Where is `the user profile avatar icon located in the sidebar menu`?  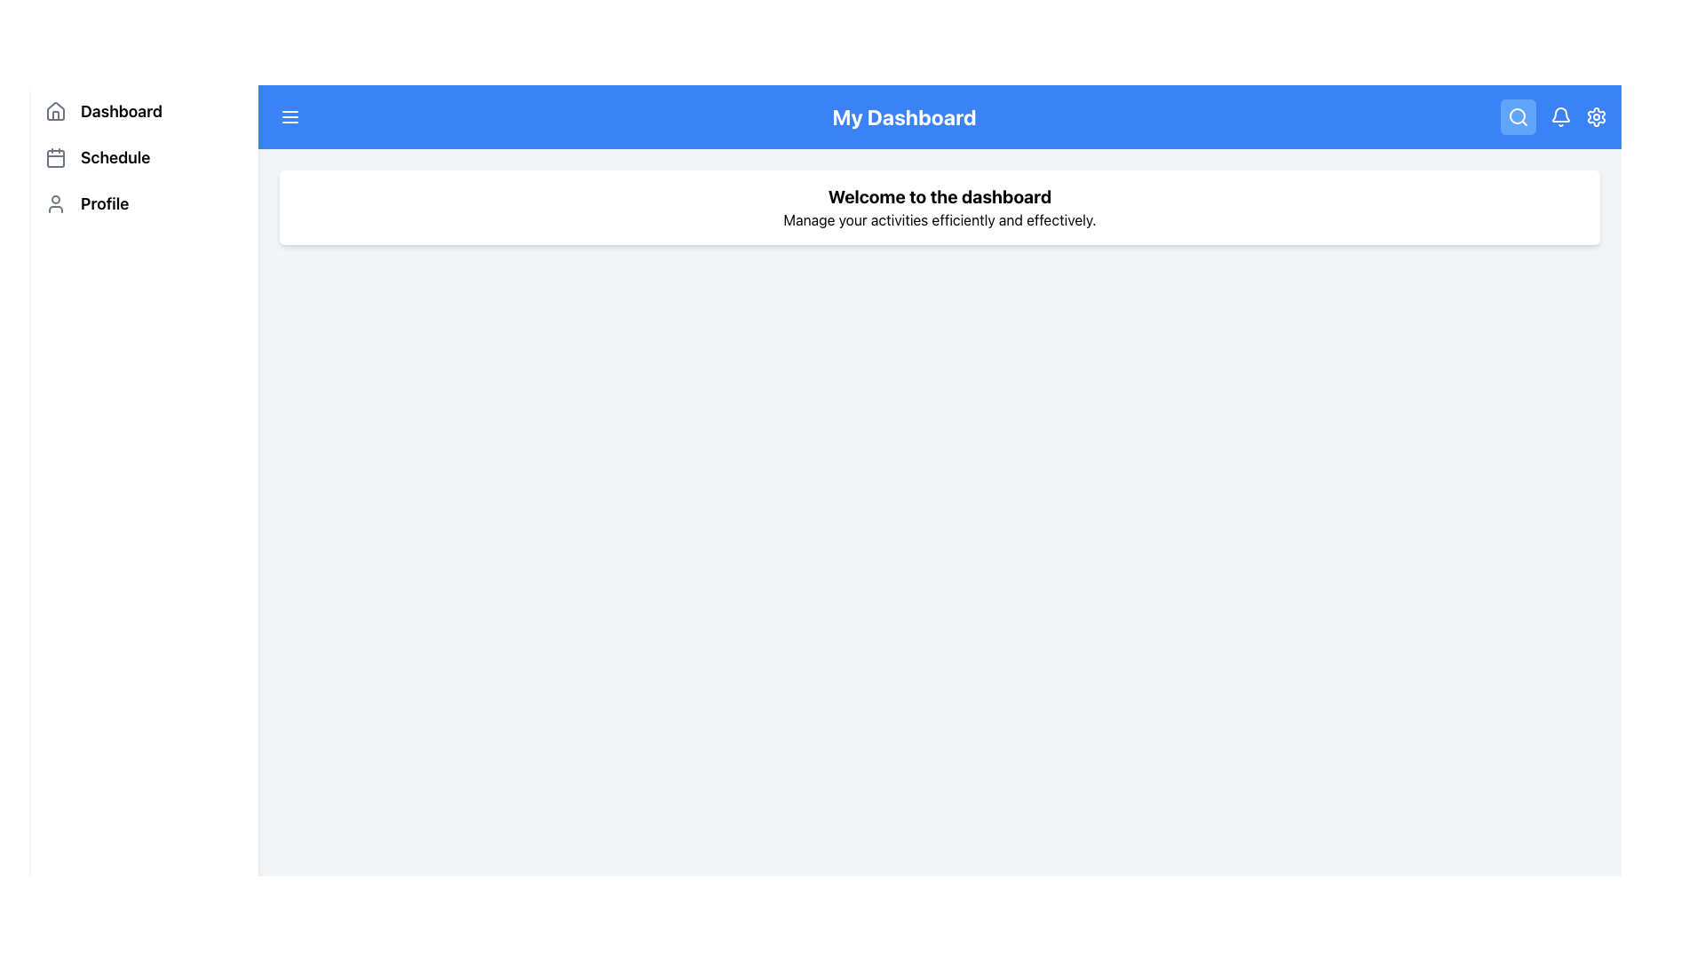 the user profile avatar icon located in the sidebar menu is located at coordinates (55, 203).